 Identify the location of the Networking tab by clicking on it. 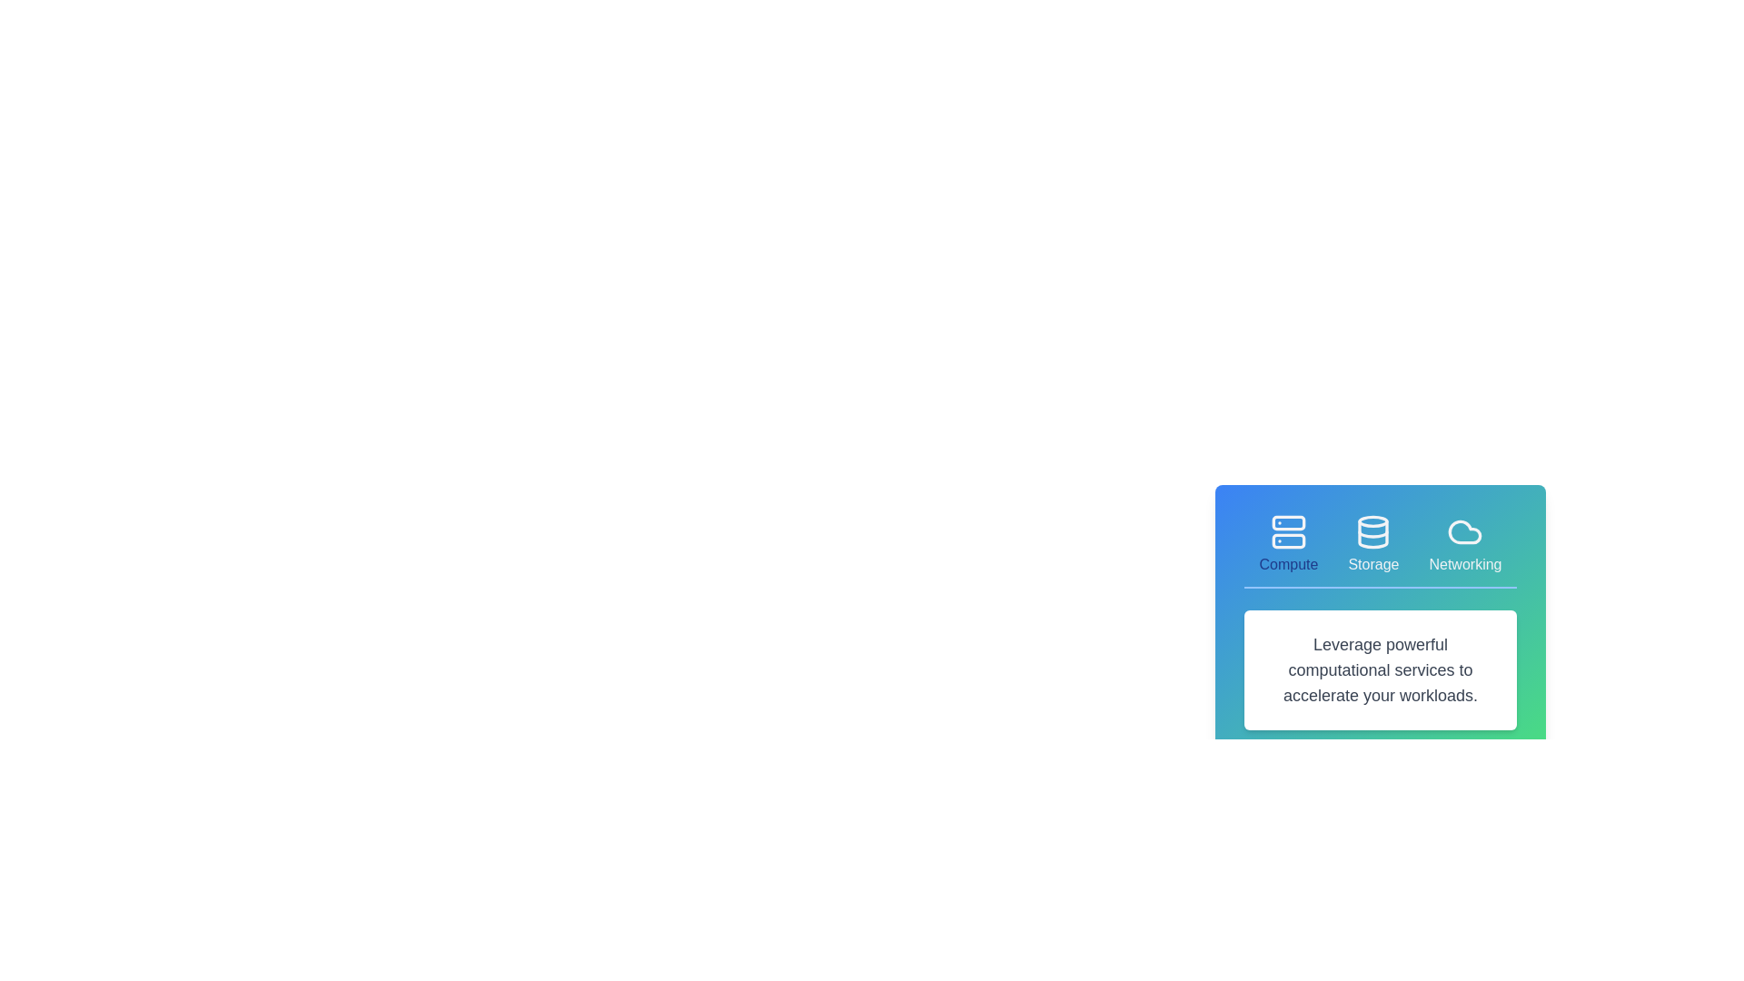
(1464, 544).